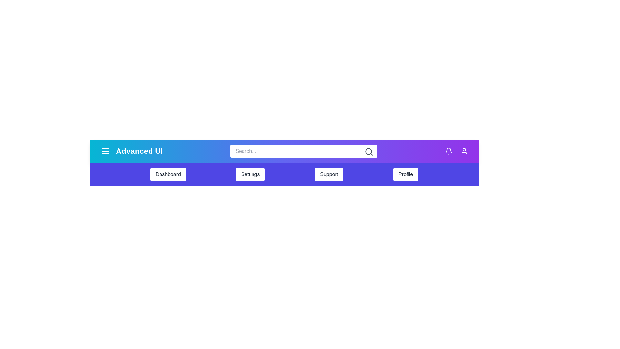 The image size is (620, 349). What do you see at coordinates (464, 151) in the screenshot?
I see `the user icon to access user profile settings` at bounding box center [464, 151].